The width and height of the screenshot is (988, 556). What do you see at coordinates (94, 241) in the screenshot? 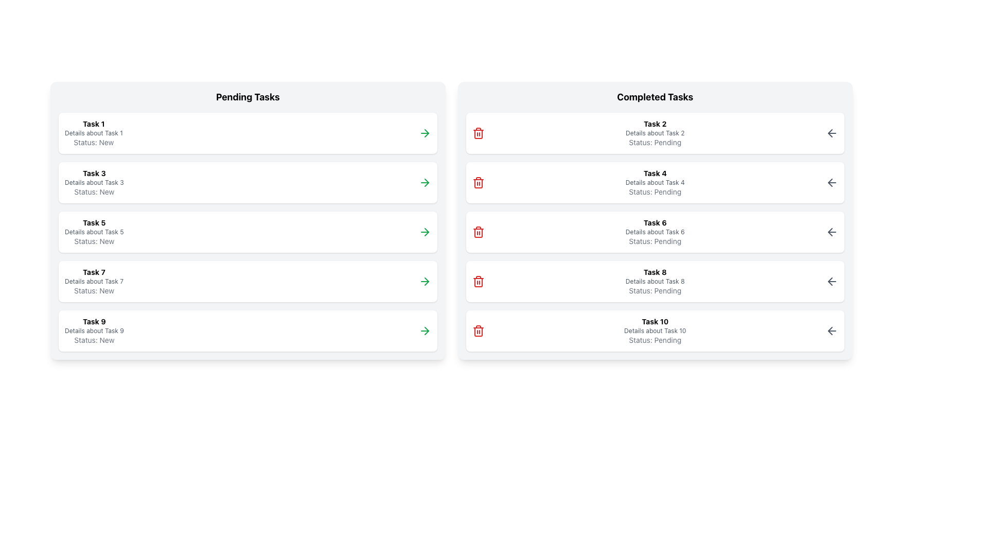
I see `the text label displaying the status of Task 5 located below the task name in the 'Pending Tasks' section` at bounding box center [94, 241].